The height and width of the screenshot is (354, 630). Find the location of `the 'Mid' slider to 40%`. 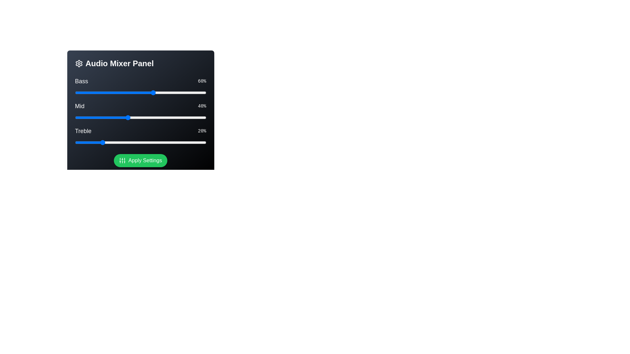

the 'Mid' slider to 40% is located at coordinates (127, 117).